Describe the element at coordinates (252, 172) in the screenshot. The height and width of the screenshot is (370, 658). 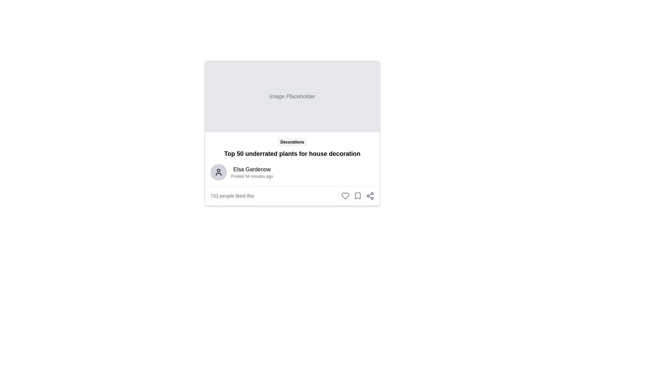
I see `text label that provides the author's name and post publication date, located in the center-bottom of the card, to the right of a circular icon` at that location.